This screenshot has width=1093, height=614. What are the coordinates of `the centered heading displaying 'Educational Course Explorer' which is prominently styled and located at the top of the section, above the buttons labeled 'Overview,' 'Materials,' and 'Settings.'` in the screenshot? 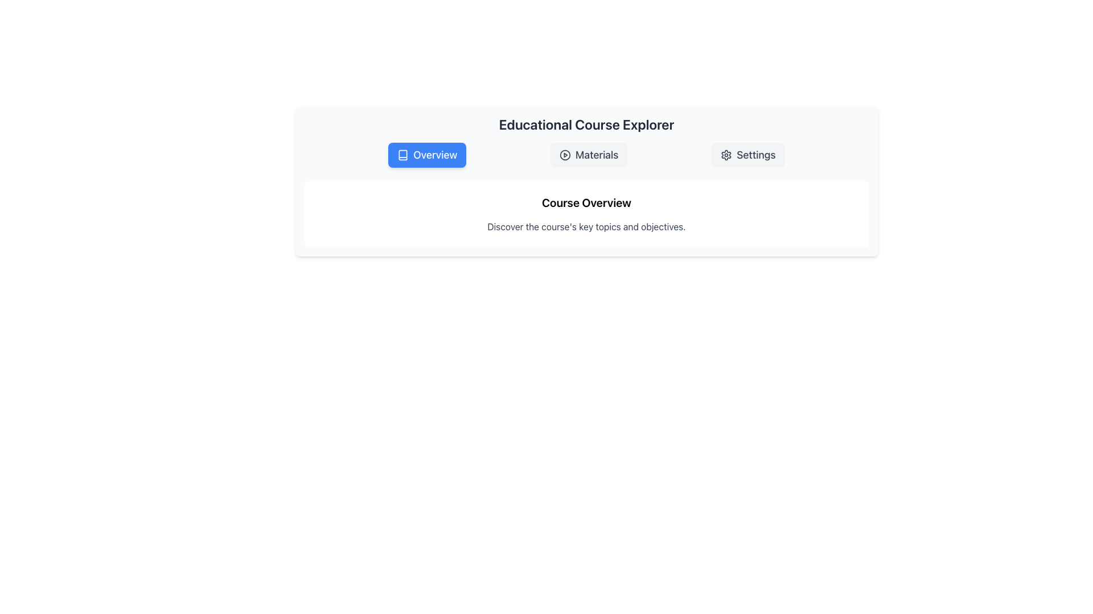 It's located at (586, 125).